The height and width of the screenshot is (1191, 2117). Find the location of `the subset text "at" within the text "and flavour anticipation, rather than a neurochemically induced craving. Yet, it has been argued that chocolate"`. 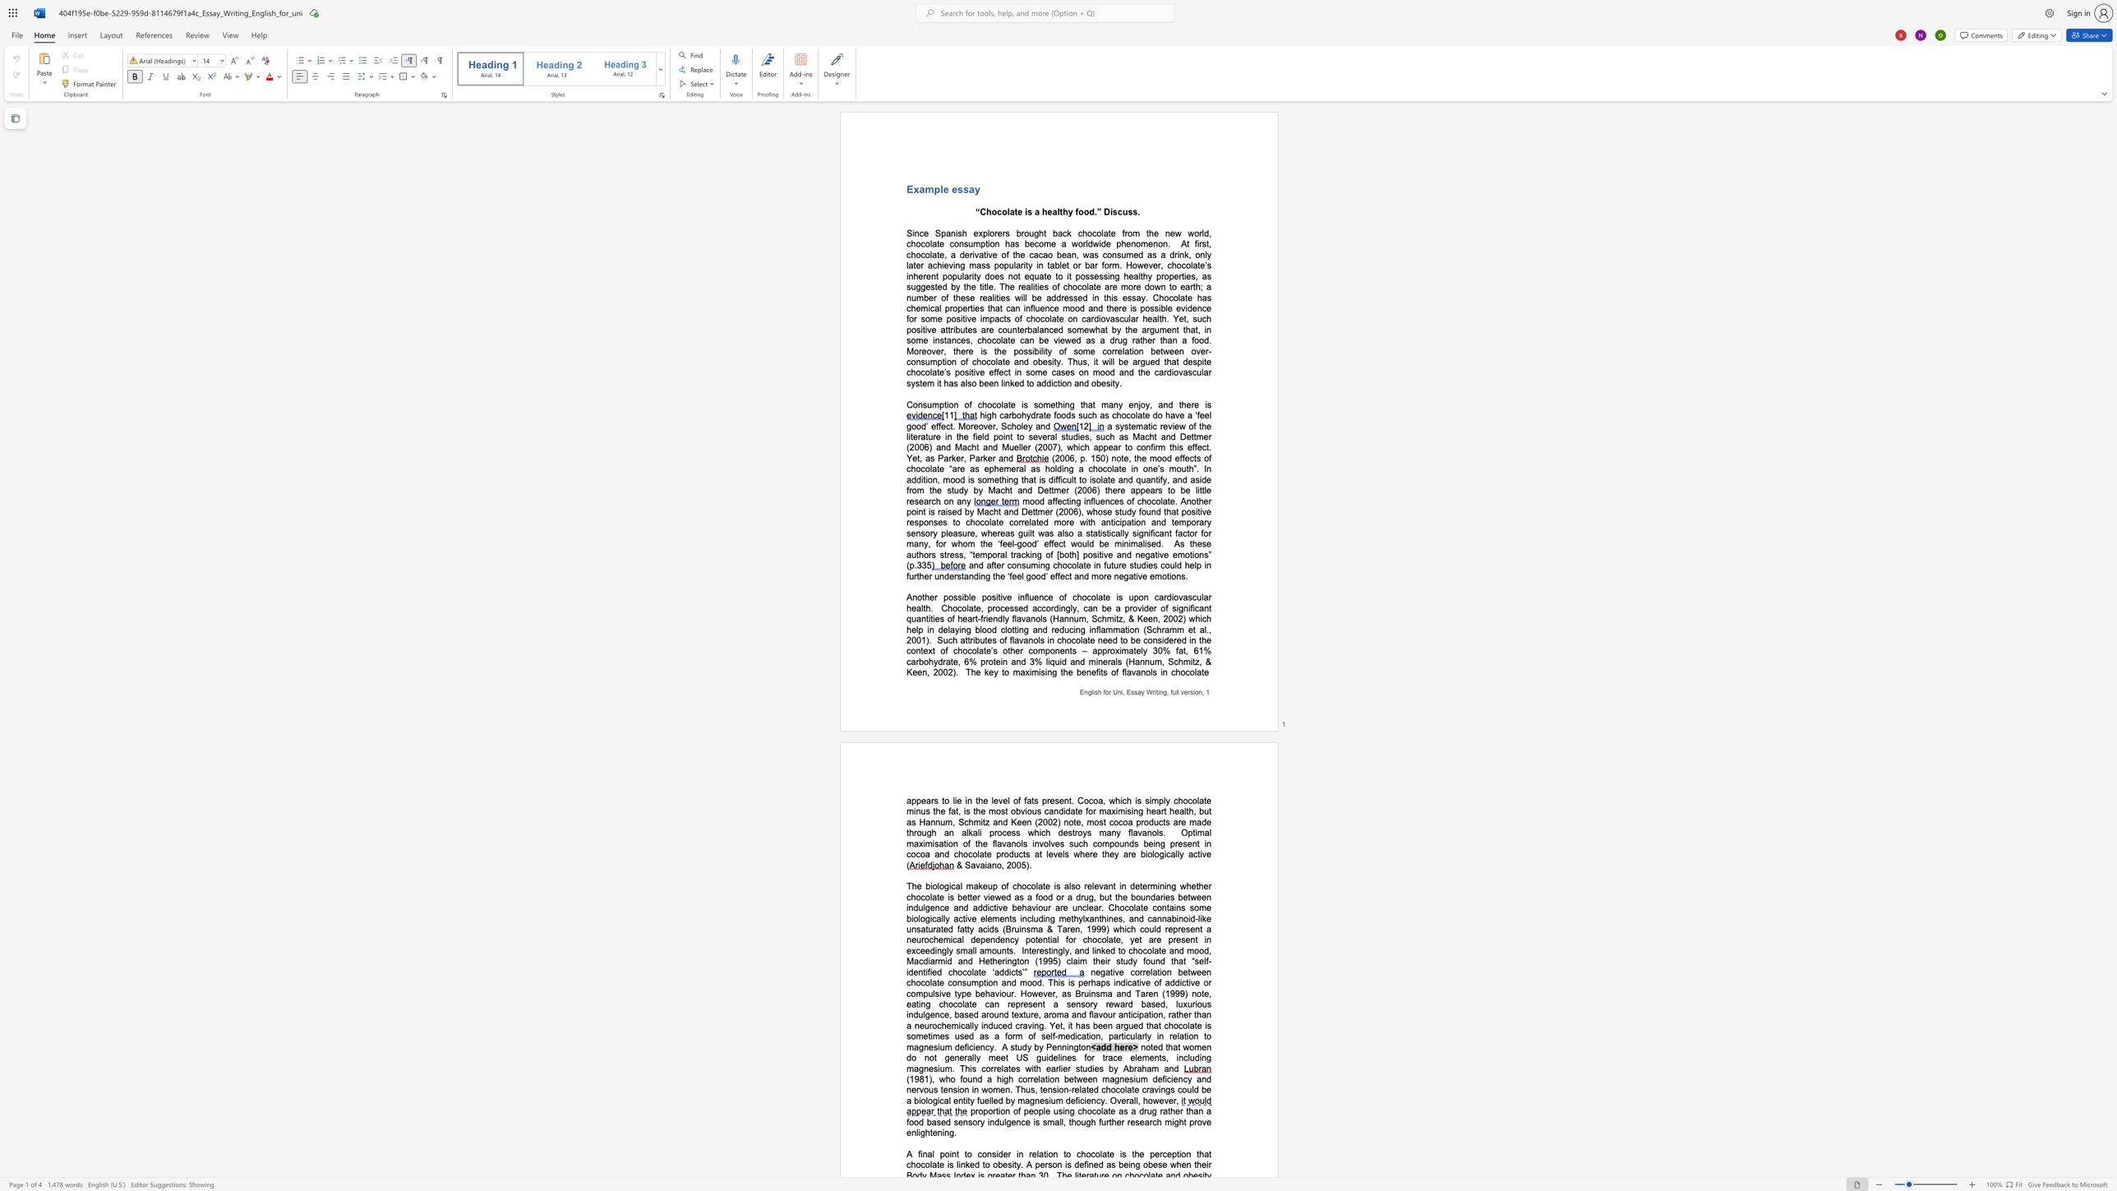

the subset text "at" within the text "and flavour anticipation, rather than a neurochemically induced craving. Yet, it has been argued that chocolate" is located at coordinates (1153, 1026).